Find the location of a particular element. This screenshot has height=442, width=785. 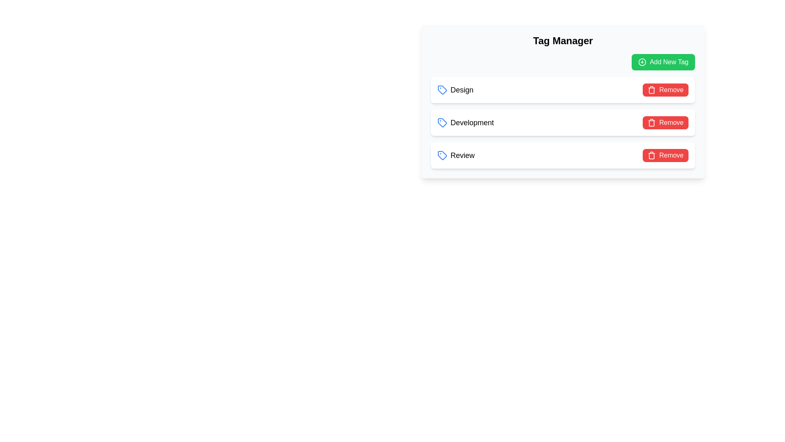

the visual styling of the 'Review' icon, which is located before the text 'Review' in the list interface is located at coordinates (442, 156).